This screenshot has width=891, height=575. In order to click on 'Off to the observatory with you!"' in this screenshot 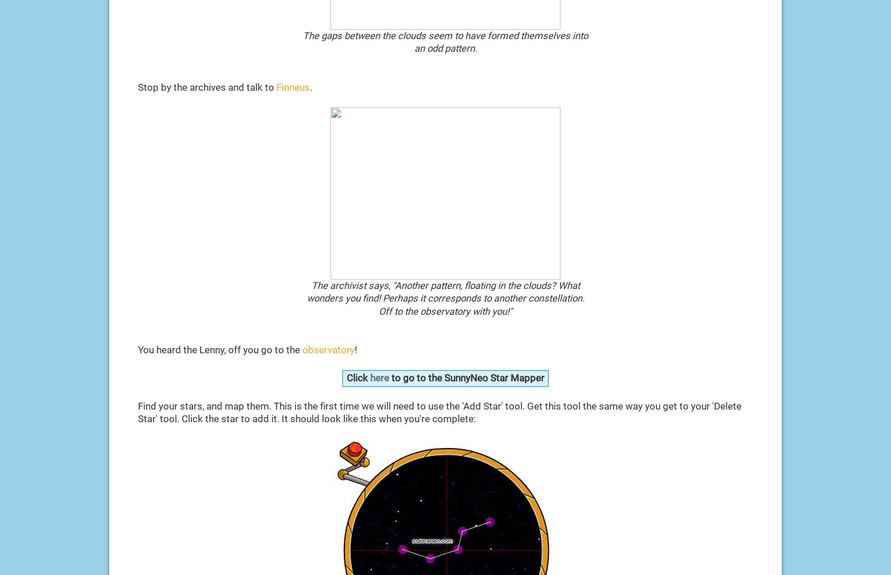, I will do `click(445, 310)`.